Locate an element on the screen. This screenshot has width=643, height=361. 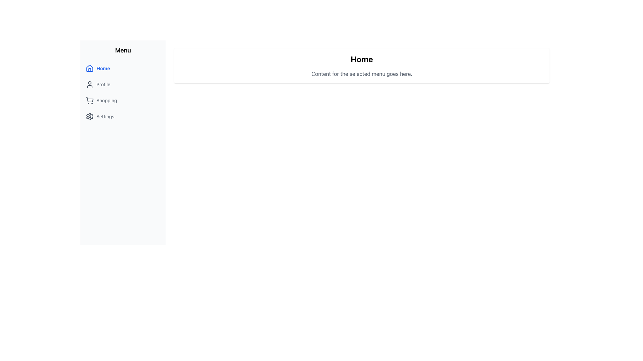
the 'Profile' navigation link in the sidebar is located at coordinates (123, 84).